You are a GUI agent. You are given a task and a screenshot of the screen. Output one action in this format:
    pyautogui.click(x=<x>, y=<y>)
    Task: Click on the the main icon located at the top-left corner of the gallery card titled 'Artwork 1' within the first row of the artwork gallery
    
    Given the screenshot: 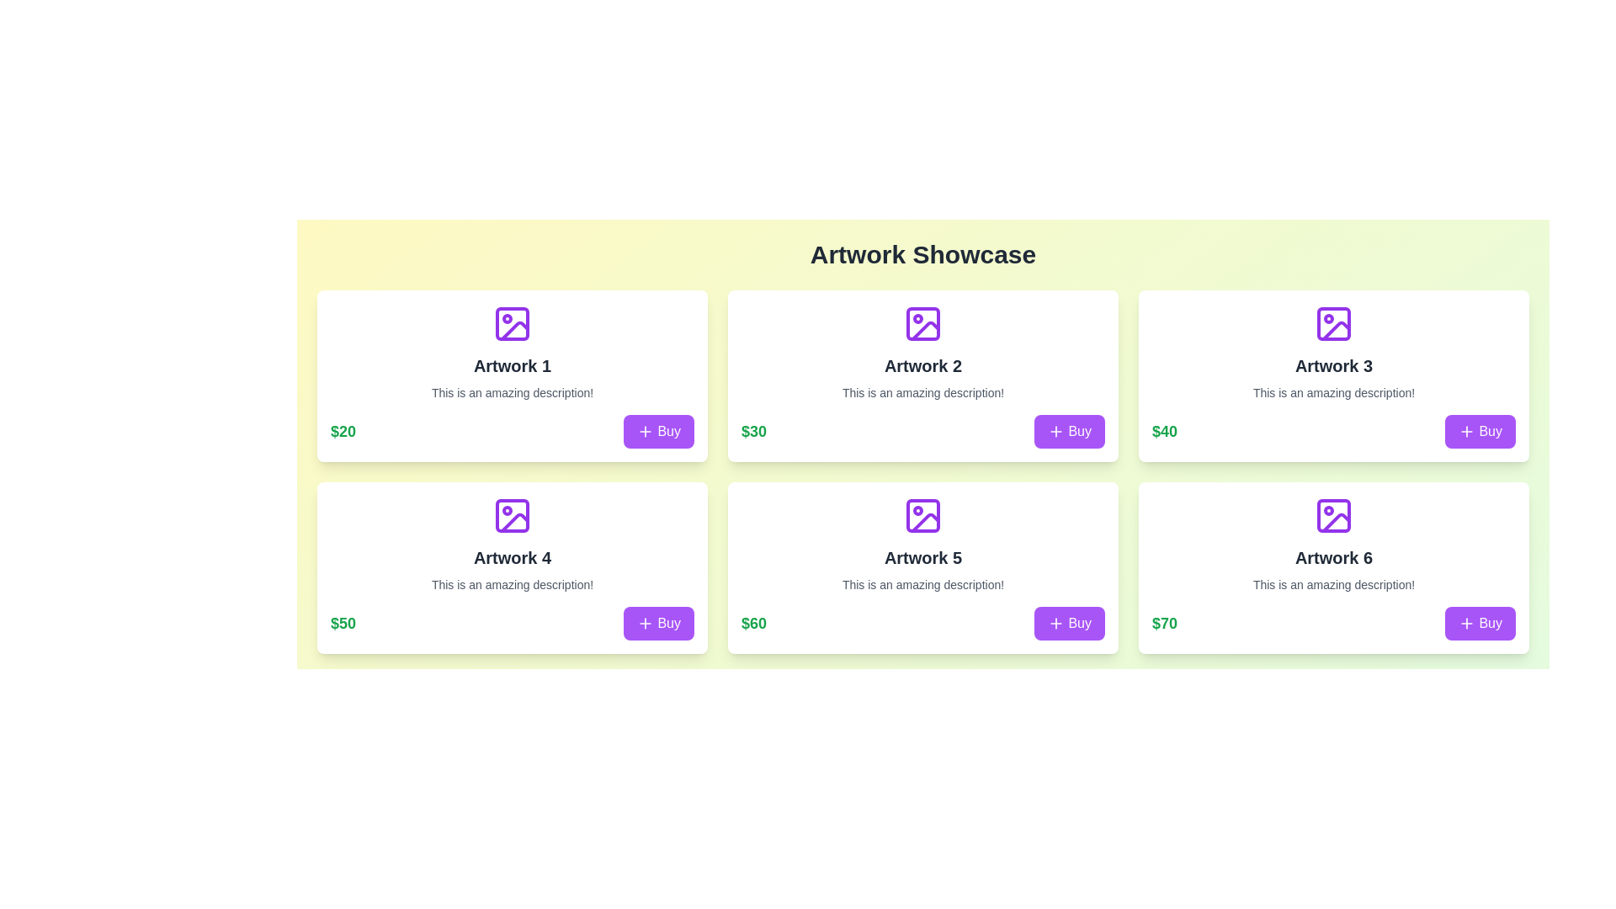 What is the action you would take?
    pyautogui.click(x=512, y=324)
    